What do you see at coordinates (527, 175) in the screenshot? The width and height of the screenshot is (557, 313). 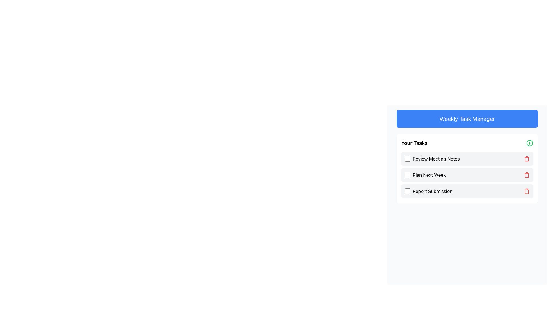 I see `the trash can icon used to delete the task labeled 'Plan Next Week', which is the second item in the task list and located at the far right of the row` at bounding box center [527, 175].